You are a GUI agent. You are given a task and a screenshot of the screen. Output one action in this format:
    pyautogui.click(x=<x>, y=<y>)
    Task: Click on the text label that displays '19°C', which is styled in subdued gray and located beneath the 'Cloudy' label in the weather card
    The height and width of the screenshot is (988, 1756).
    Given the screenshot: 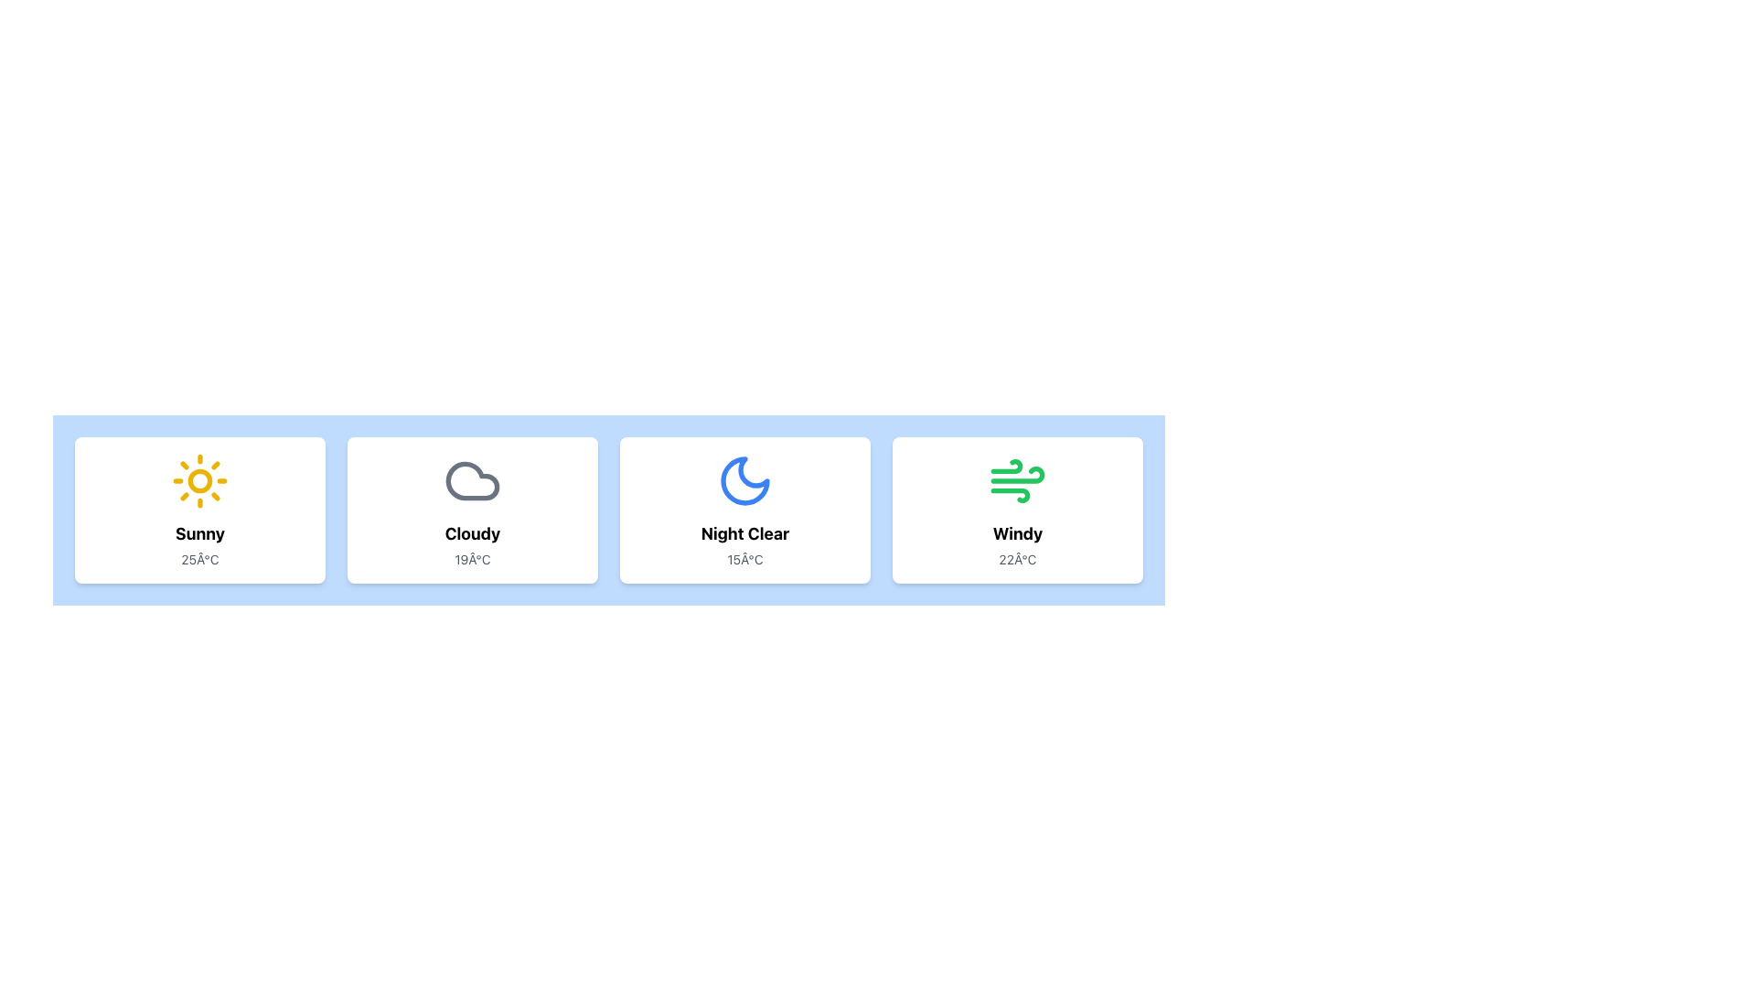 What is the action you would take?
    pyautogui.click(x=473, y=559)
    